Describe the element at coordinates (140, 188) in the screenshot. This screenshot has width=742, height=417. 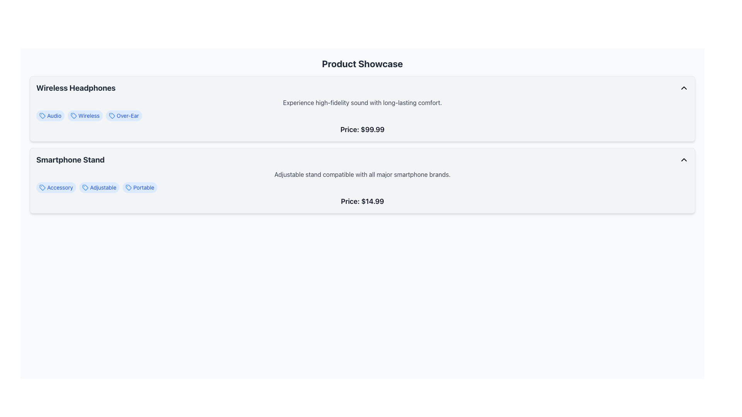
I see `text of the third badge indicating a property or category related to the 'Smartphone Stand' product, located below the title` at that location.